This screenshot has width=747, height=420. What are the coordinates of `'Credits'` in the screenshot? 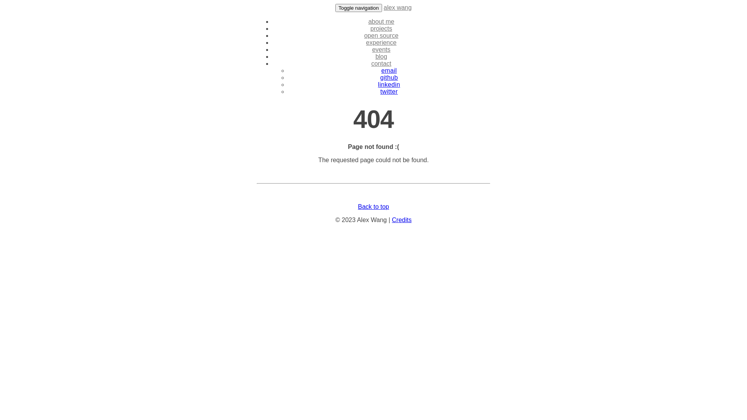 It's located at (402, 220).